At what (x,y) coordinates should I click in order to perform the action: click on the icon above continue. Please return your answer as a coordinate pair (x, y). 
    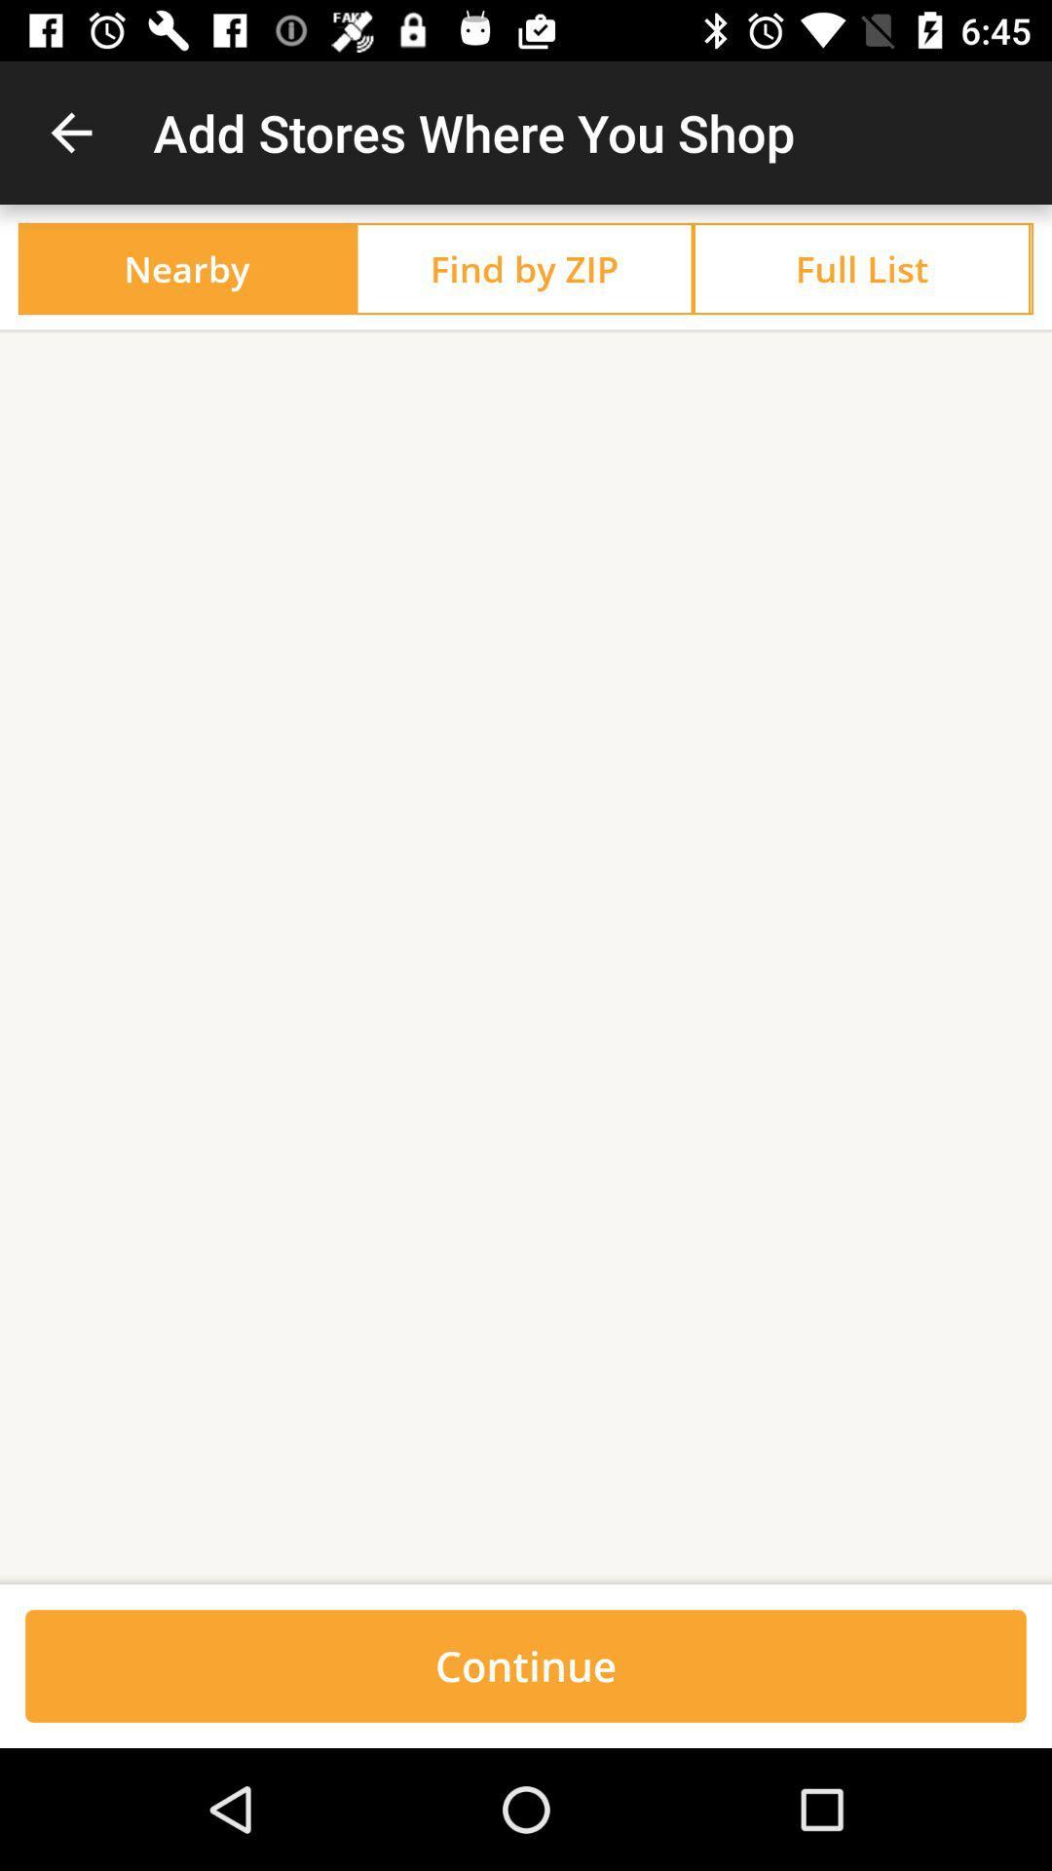
    Looking at the image, I should click on (526, 958).